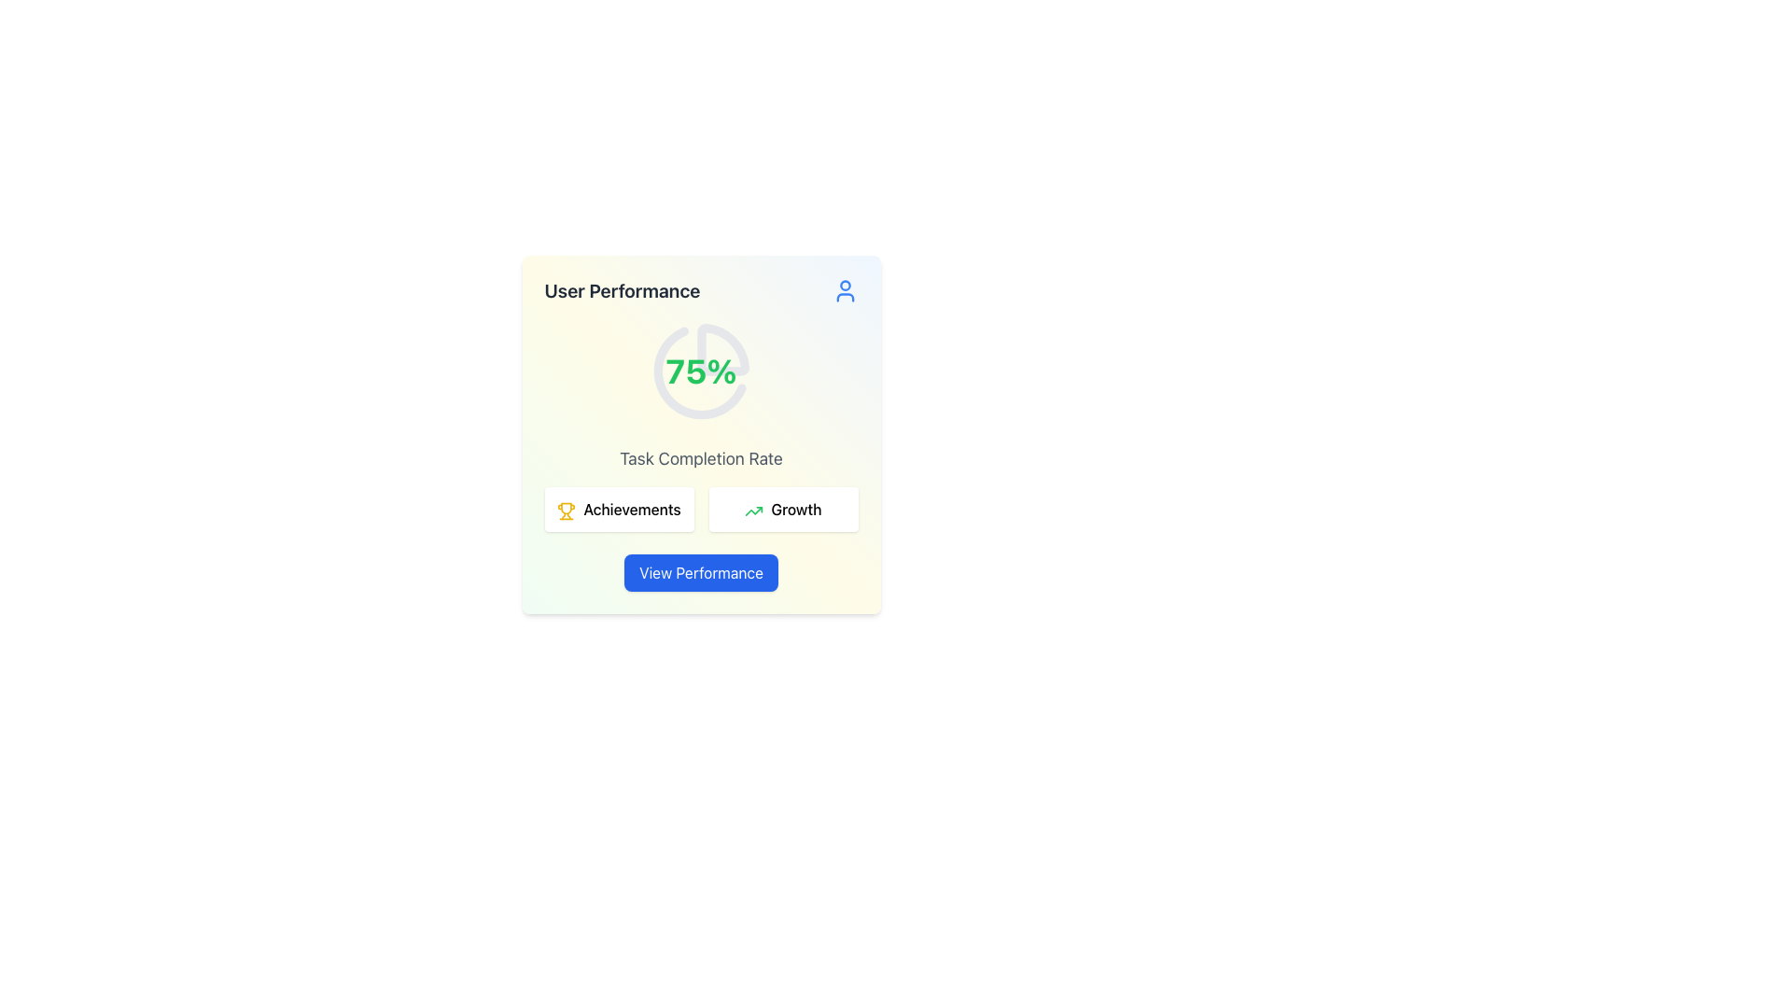 The image size is (1792, 1008). Describe the element at coordinates (844, 286) in the screenshot. I see `the small circular graphic element representing the head of the user figure within the user icon located at the top-right corner of the interface` at that location.